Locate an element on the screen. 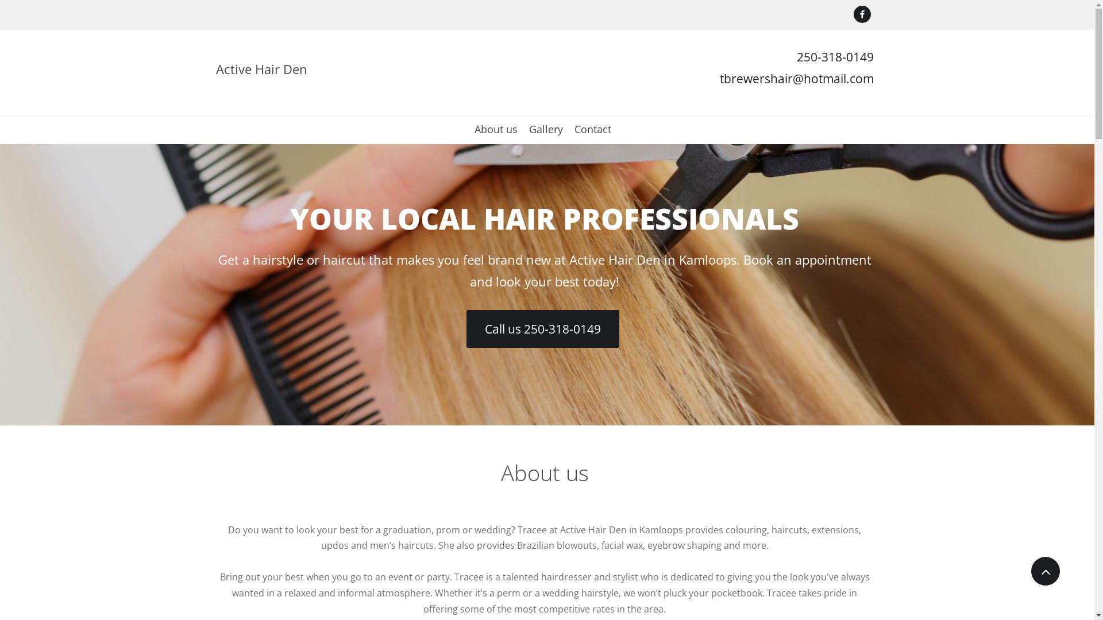 Image resolution: width=1103 pixels, height=620 pixels. 'tbrewershair@hotmail.com' is located at coordinates (796, 78).